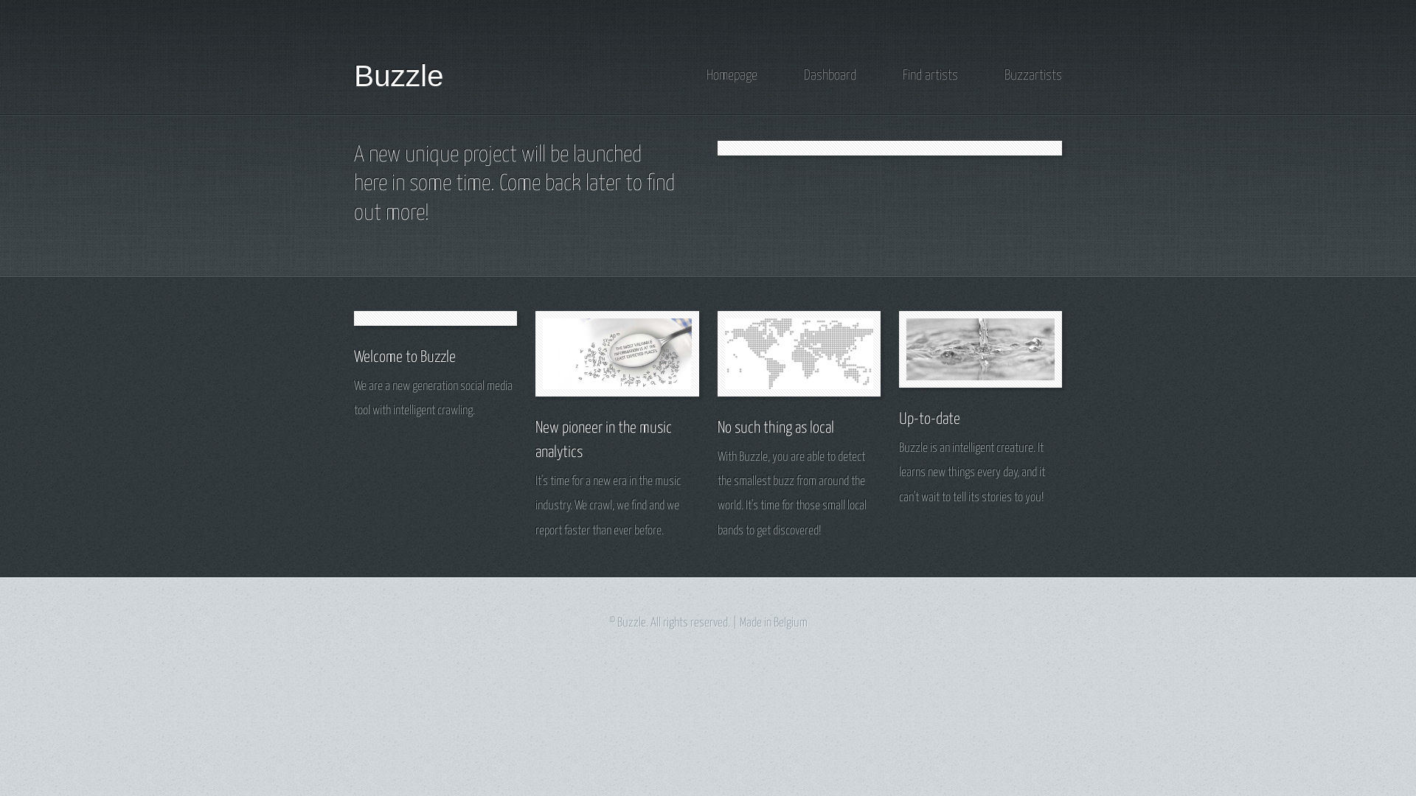  I want to click on 'Buzzle', so click(399, 76).